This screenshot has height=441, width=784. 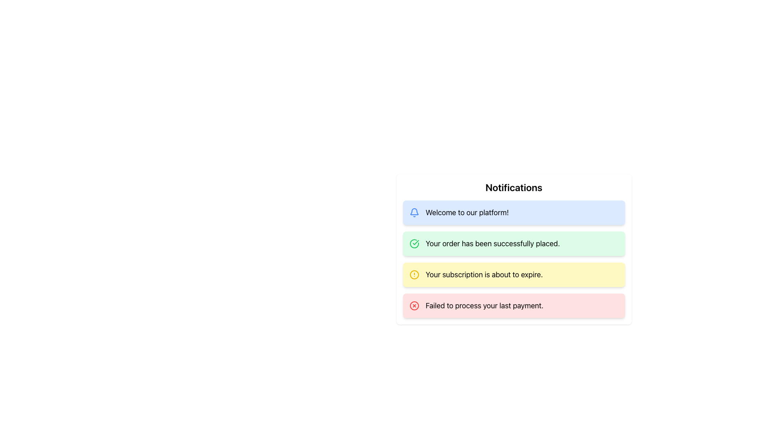 I want to click on the informational notification with a green background that contains a checkmark icon and the text 'Your order has been successfully placed.', so click(x=513, y=259).